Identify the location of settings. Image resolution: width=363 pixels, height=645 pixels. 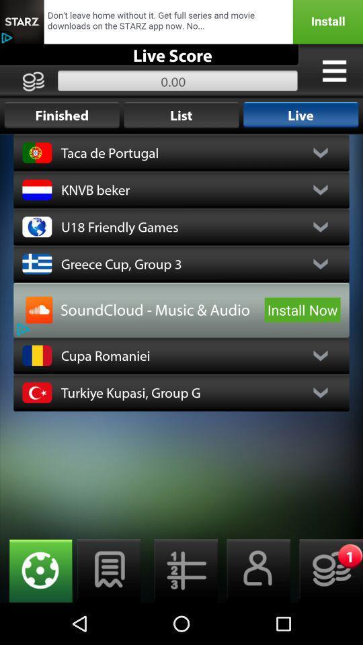
(36, 570).